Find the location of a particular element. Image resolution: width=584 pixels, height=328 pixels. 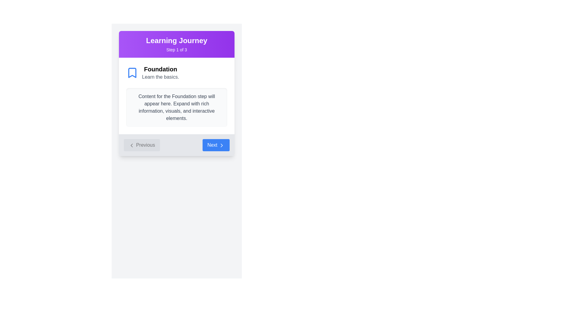

styling elements of the label or banner that describes the learning step 'Foundation' with the explanation 'Learn the basics.' is located at coordinates (176, 72).